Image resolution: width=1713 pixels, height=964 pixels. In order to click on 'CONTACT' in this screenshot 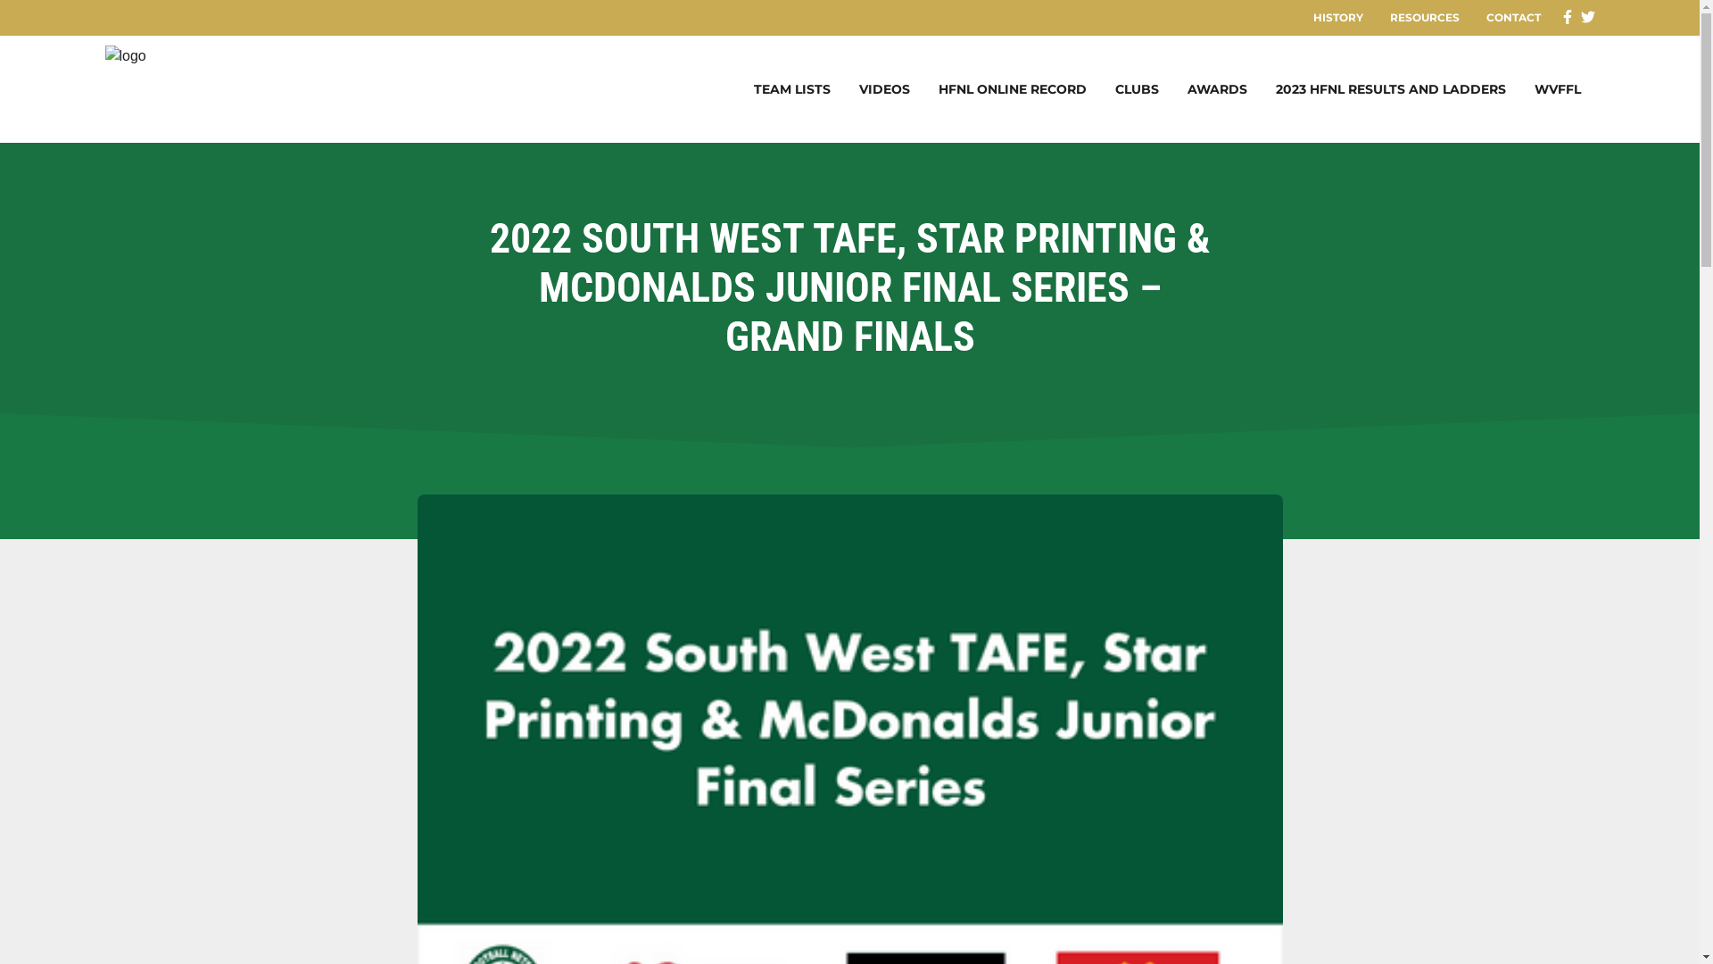, I will do `click(1511, 17)`.